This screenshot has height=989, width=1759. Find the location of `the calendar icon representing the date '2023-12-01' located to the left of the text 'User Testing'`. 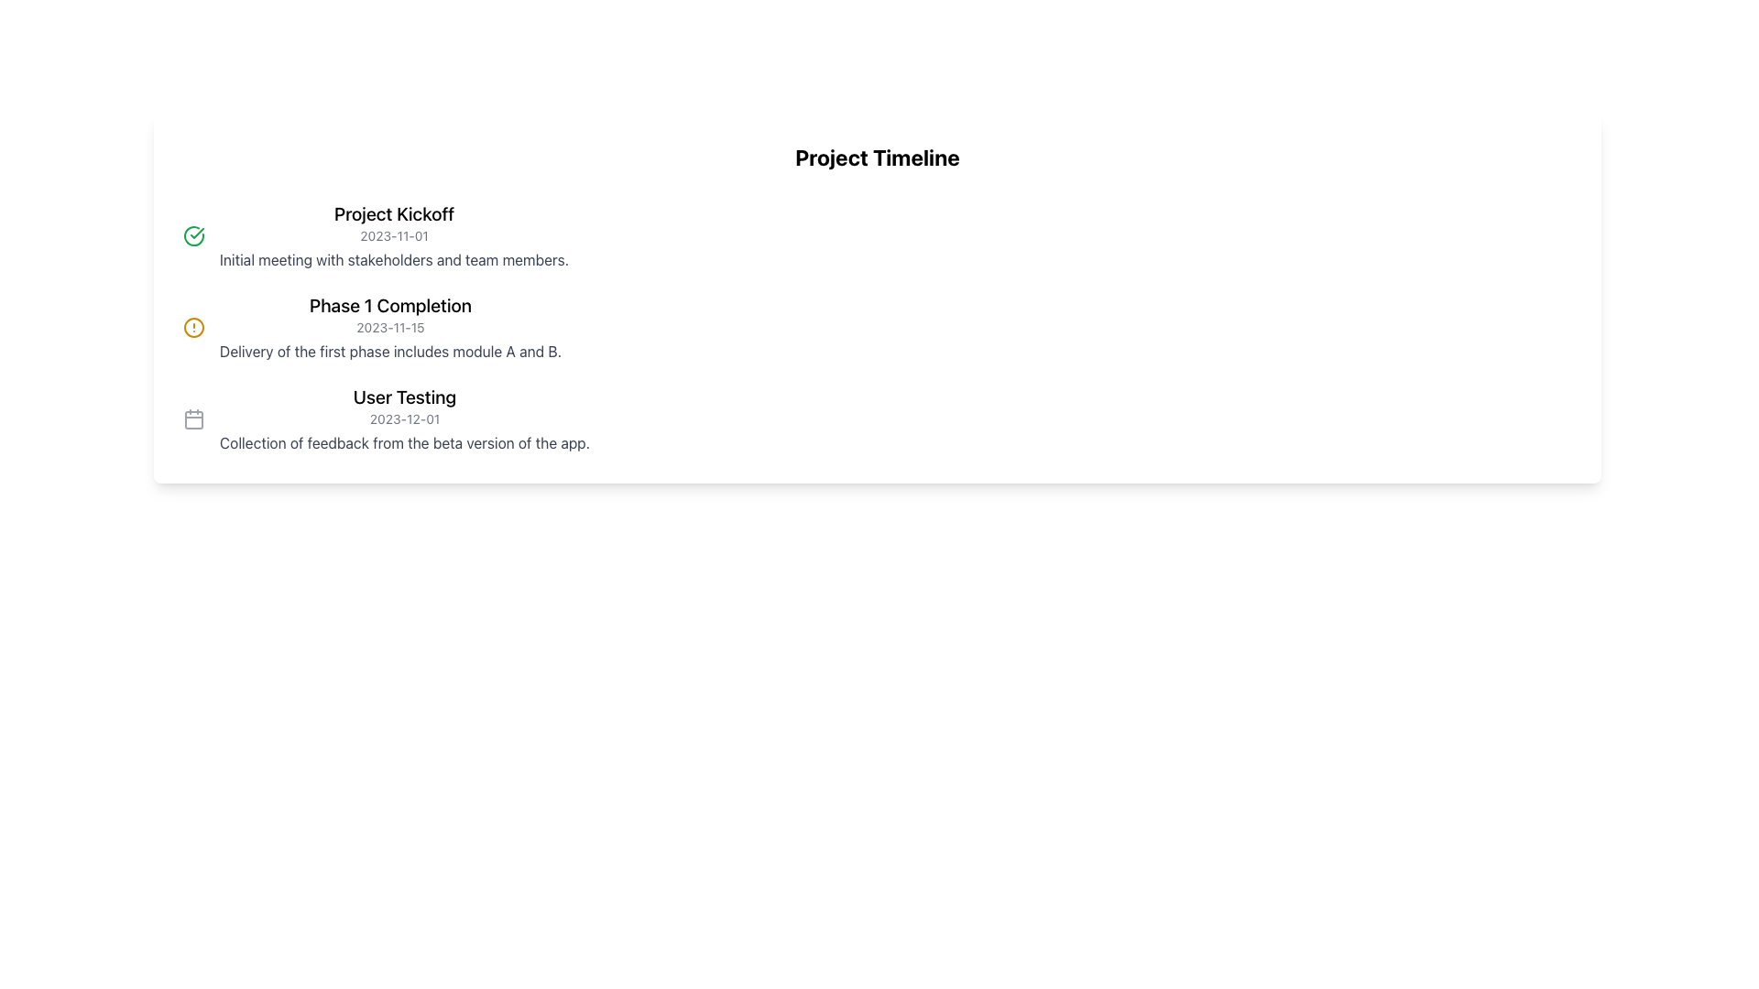

the calendar icon representing the date '2023-12-01' located to the left of the text 'User Testing' is located at coordinates (193, 419).